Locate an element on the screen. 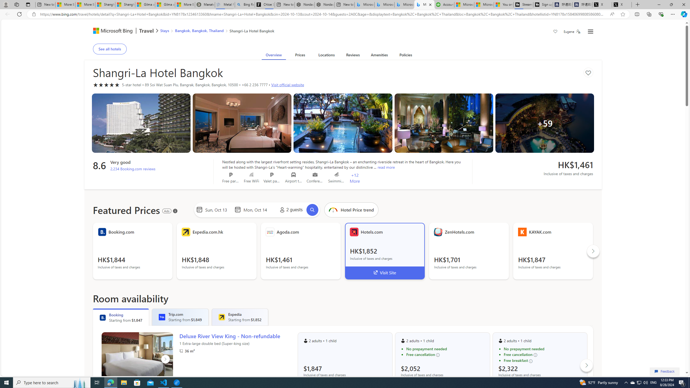 Image resolution: width=690 pixels, height=388 pixels. '+12 More Amenities' is located at coordinates (355, 178).